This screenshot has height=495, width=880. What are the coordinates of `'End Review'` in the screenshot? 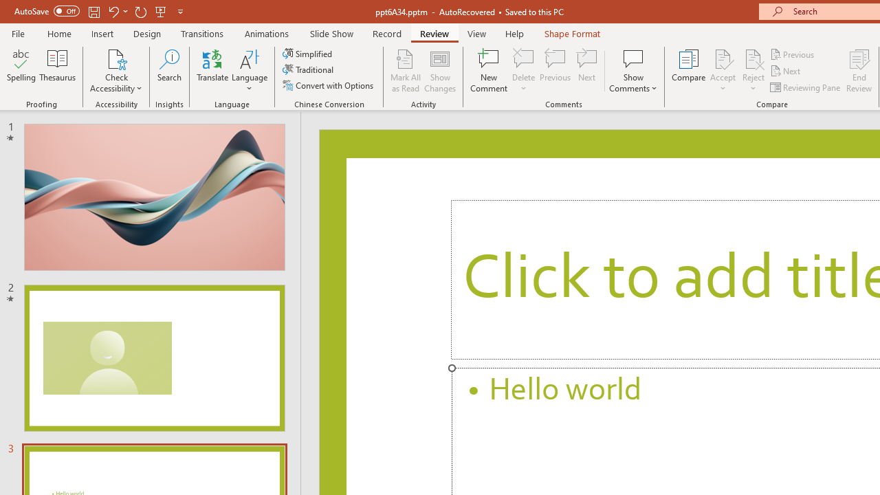 It's located at (858, 71).